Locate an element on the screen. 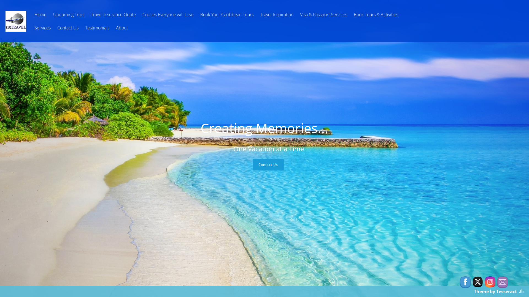 The height and width of the screenshot is (297, 529). 'Facebook' is located at coordinates (460, 282).